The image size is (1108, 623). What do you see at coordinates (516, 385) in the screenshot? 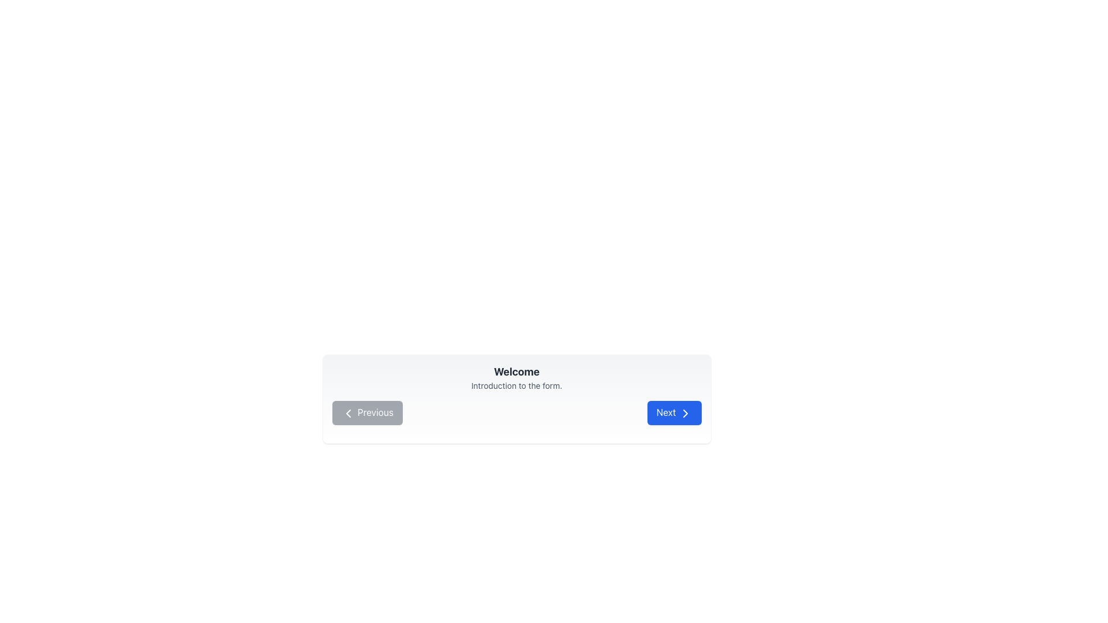
I see `the text label stating 'Introduction to the form.' which is styled in gray and positioned directly below the 'Welcome' header` at bounding box center [516, 385].